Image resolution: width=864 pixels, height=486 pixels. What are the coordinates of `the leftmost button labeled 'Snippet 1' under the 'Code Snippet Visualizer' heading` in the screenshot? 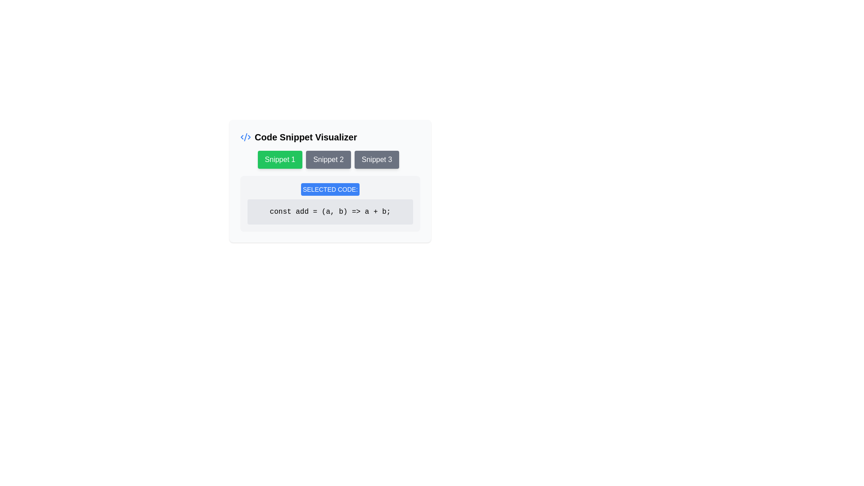 It's located at (279, 159).